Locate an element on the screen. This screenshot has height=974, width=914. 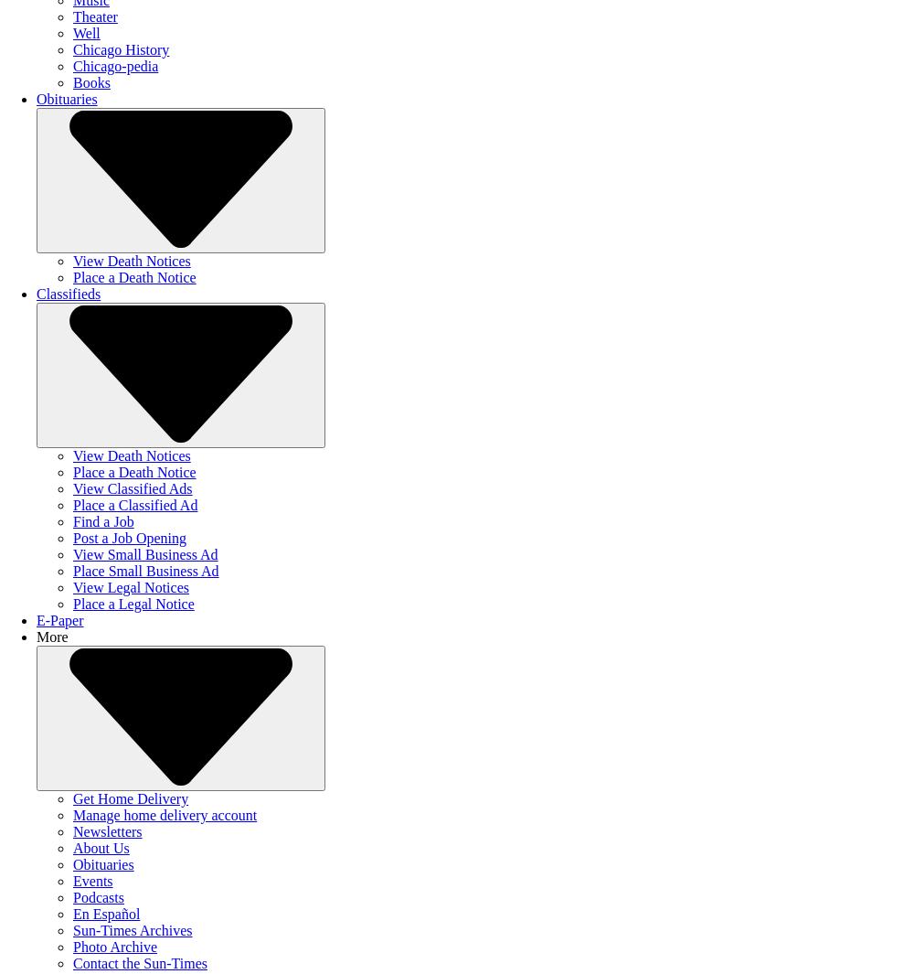
'Place a Legal Notice' is located at coordinates (133, 604).